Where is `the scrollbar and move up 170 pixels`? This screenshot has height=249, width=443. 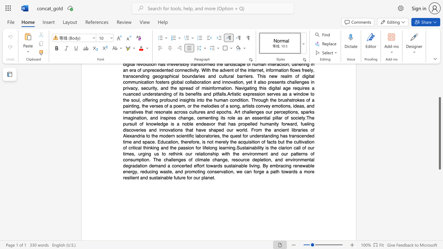
the scrollbar and move up 170 pixels is located at coordinates (439, 133).